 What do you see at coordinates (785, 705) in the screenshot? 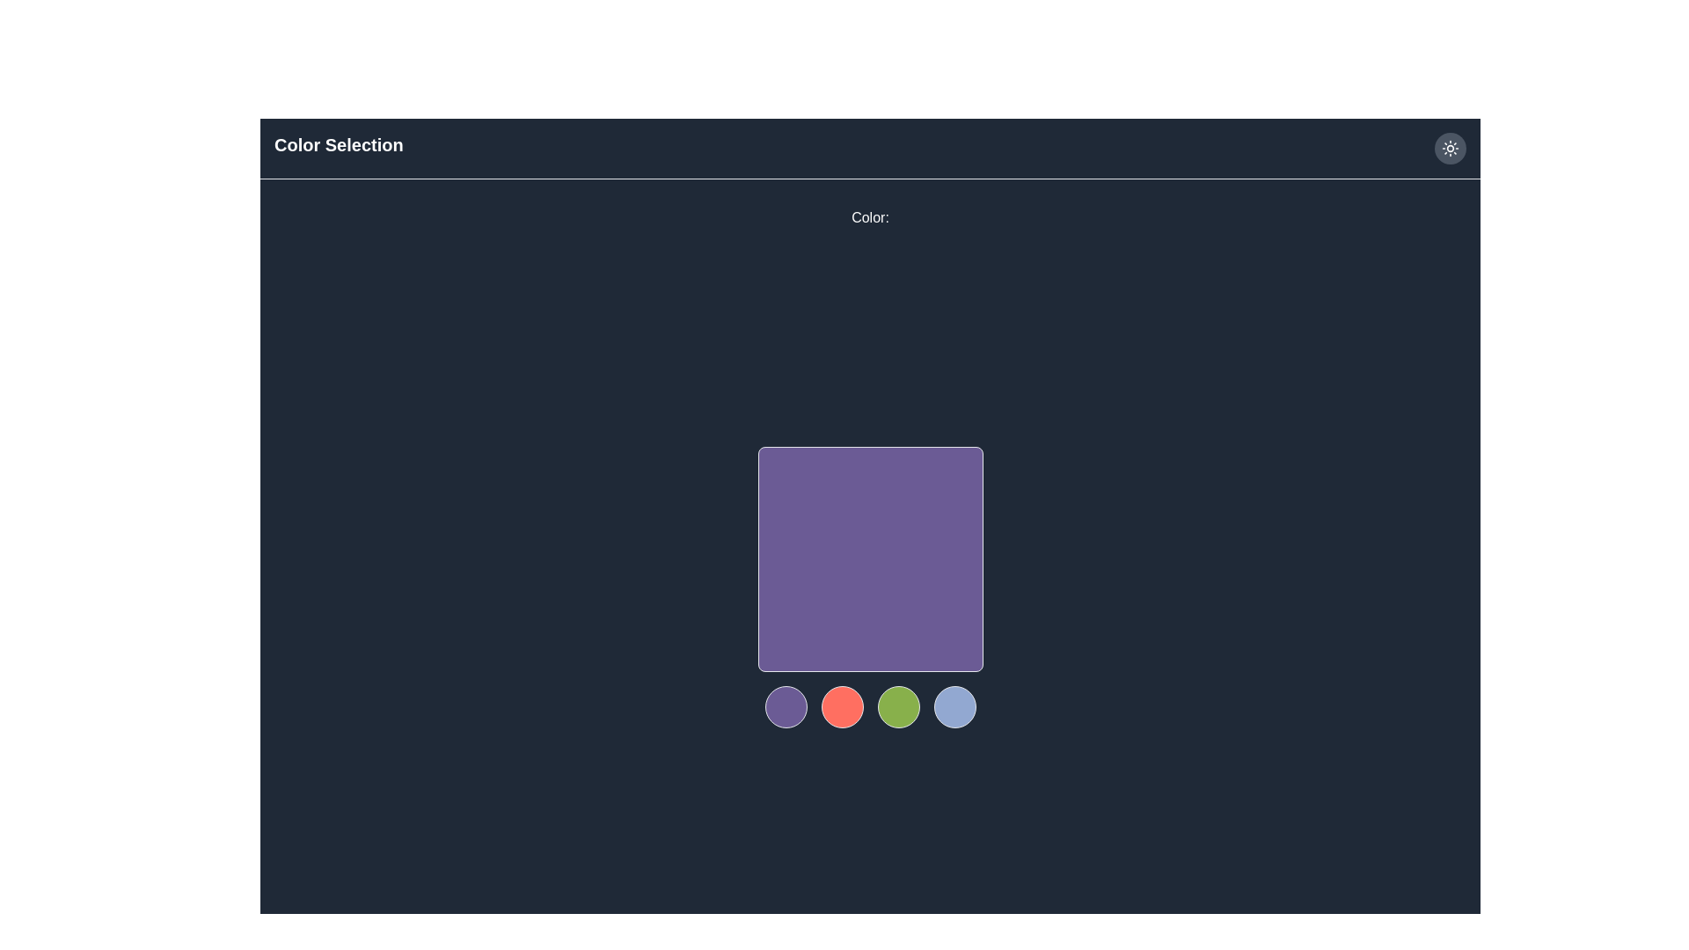
I see `the first circular button that denotes the color purple, located directly below the larger purple square` at bounding box center [785, 705].